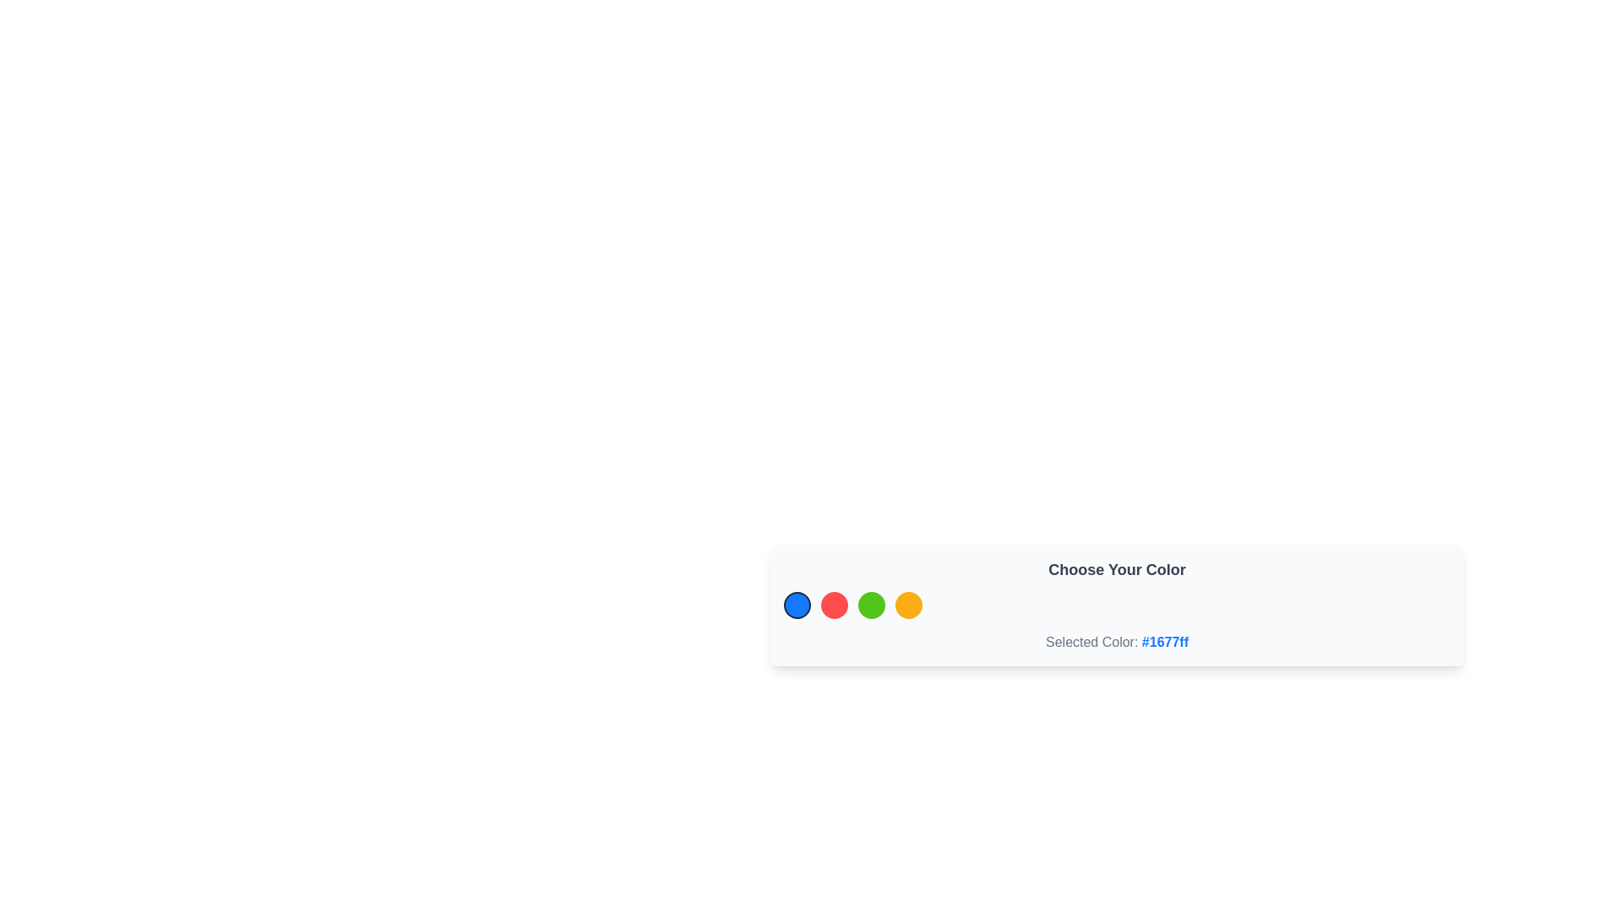 Image resolution: width=1622 pixels, height=912 pixels. What do you see at coordinates (1117, 642) in the screenshot?
I see `the Text Display element that reads 'Selected Color: #1677ff'` at bounding box center [1117, 642].